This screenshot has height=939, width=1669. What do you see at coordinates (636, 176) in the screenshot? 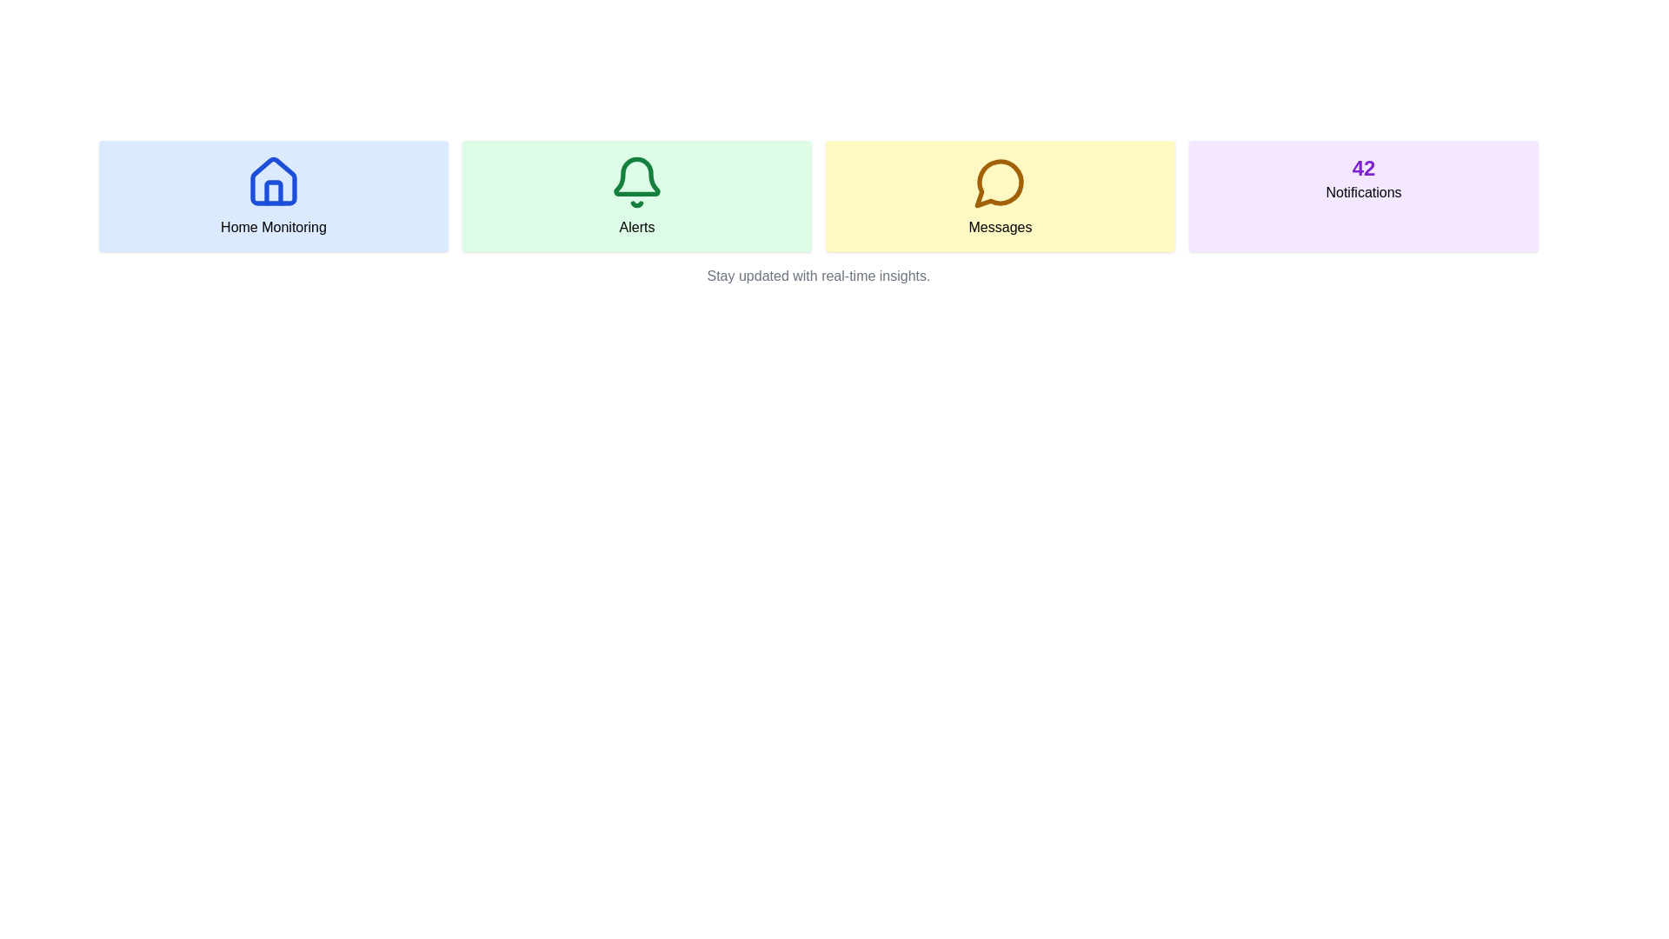
I see `the upper half of the bell icon in the 'Alerts' section, which visually represents notifications` at bounding box center [636, 176].